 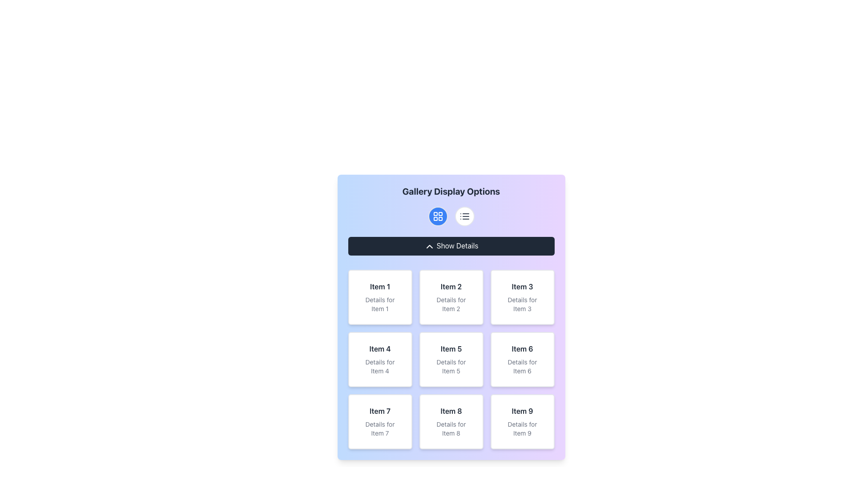 I want to click on the static text label reading 'Details for Item 6', which is located within a white rectangular card under the bolded text 'Item 6', so click(x=522, y=366).